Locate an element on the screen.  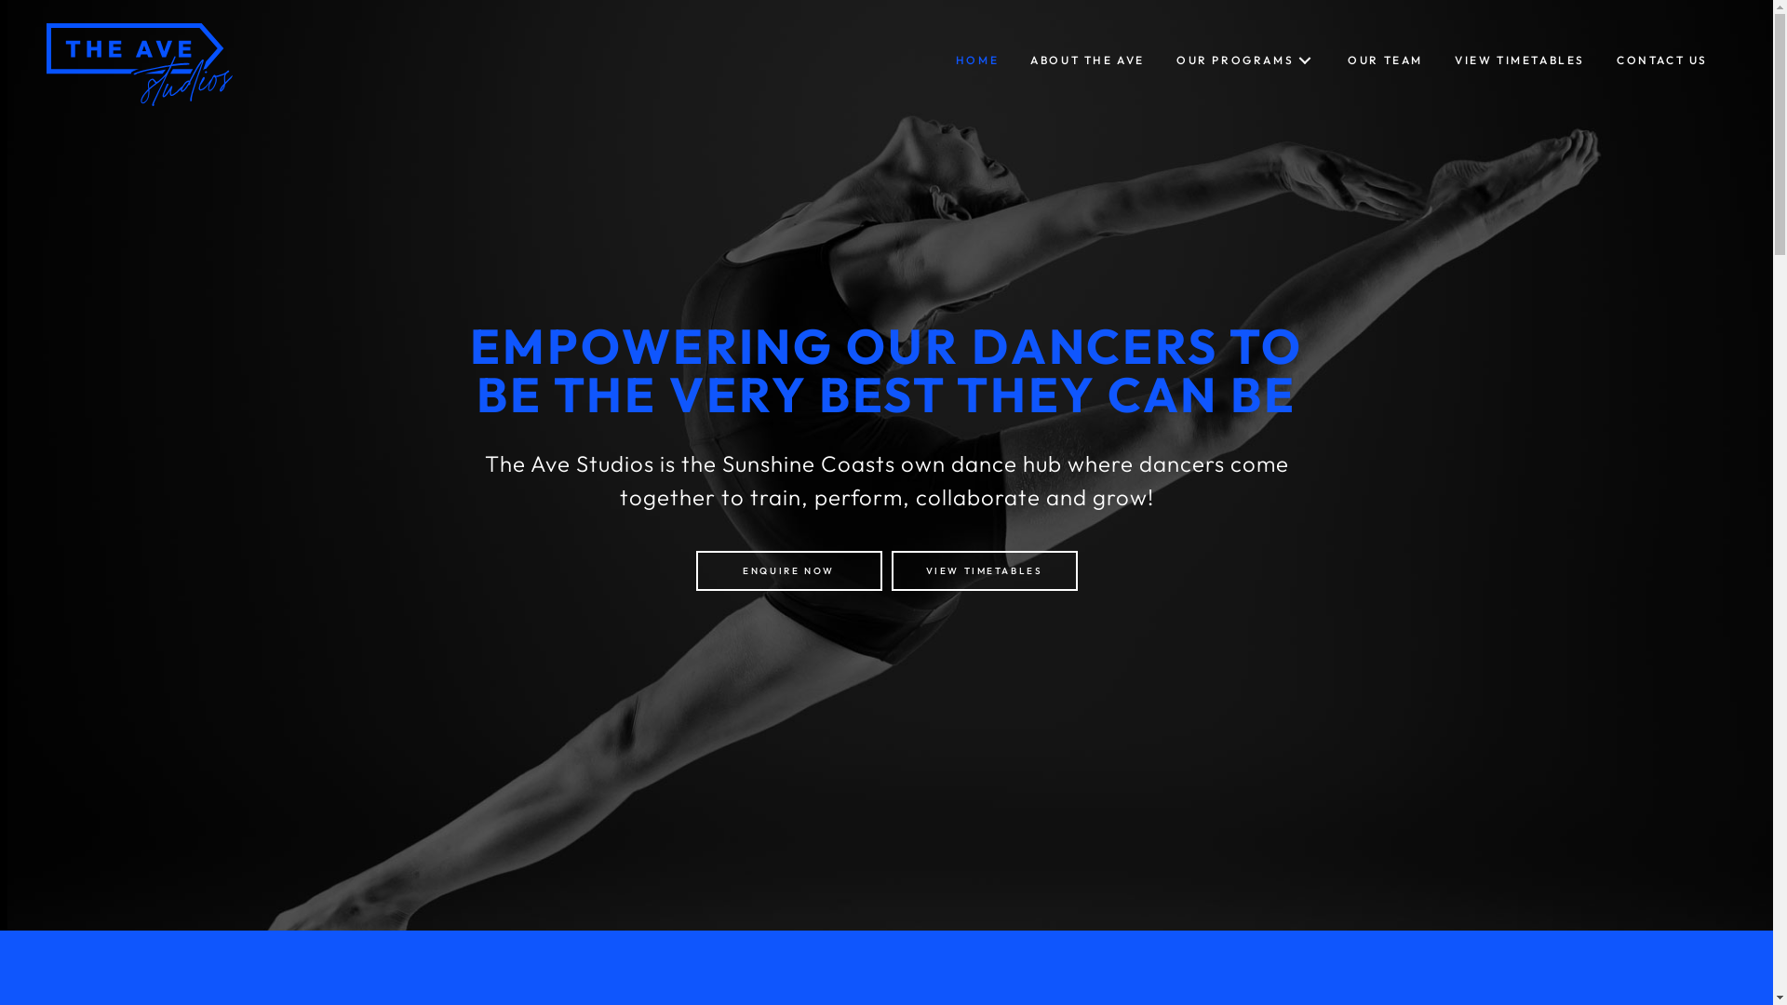
'HOME' is located at coordinates (976, 60).